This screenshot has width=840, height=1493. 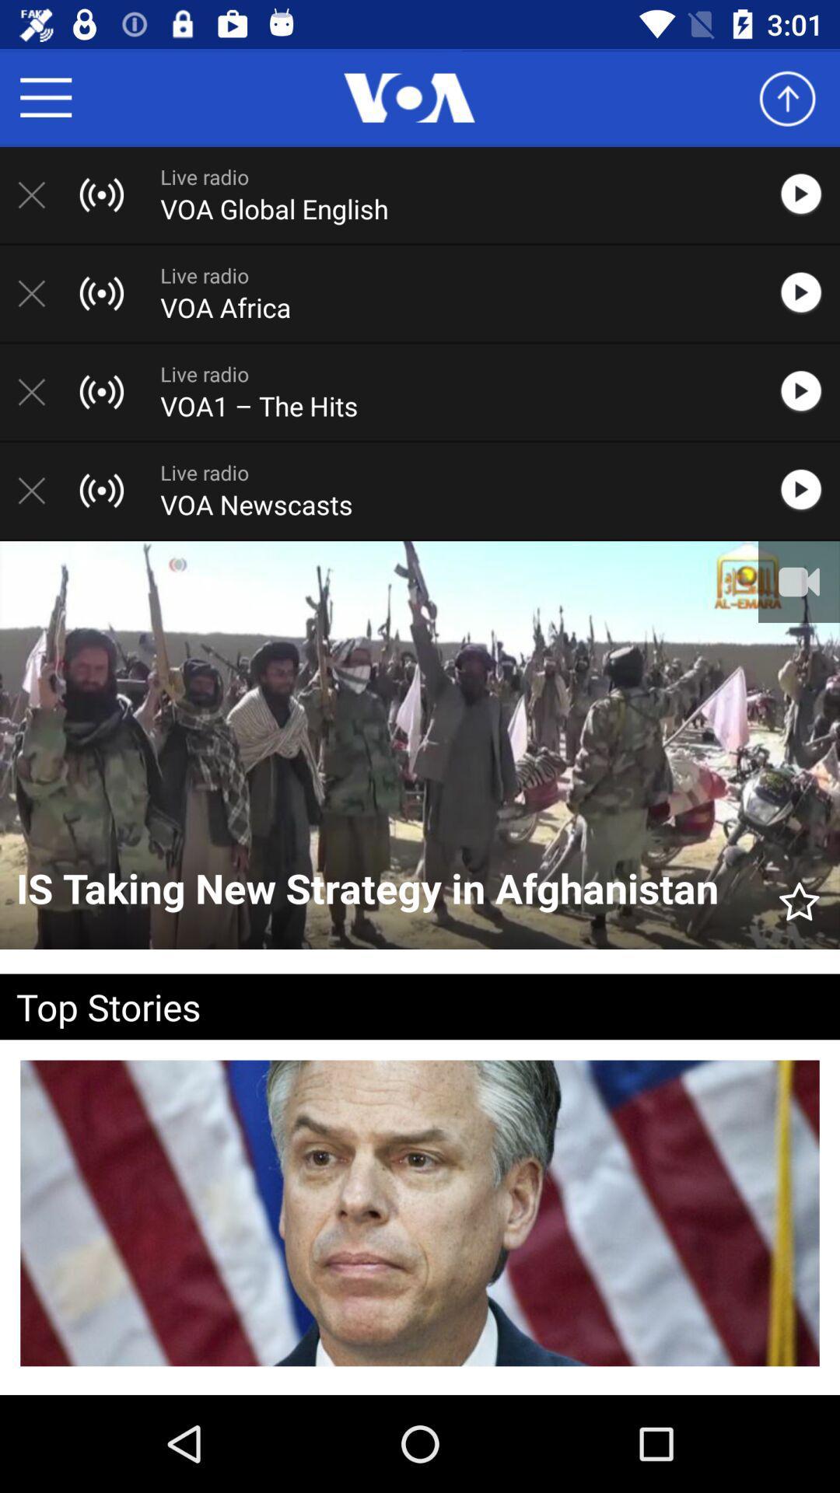 I want to click on delete selection, so click(x=39, y=392).